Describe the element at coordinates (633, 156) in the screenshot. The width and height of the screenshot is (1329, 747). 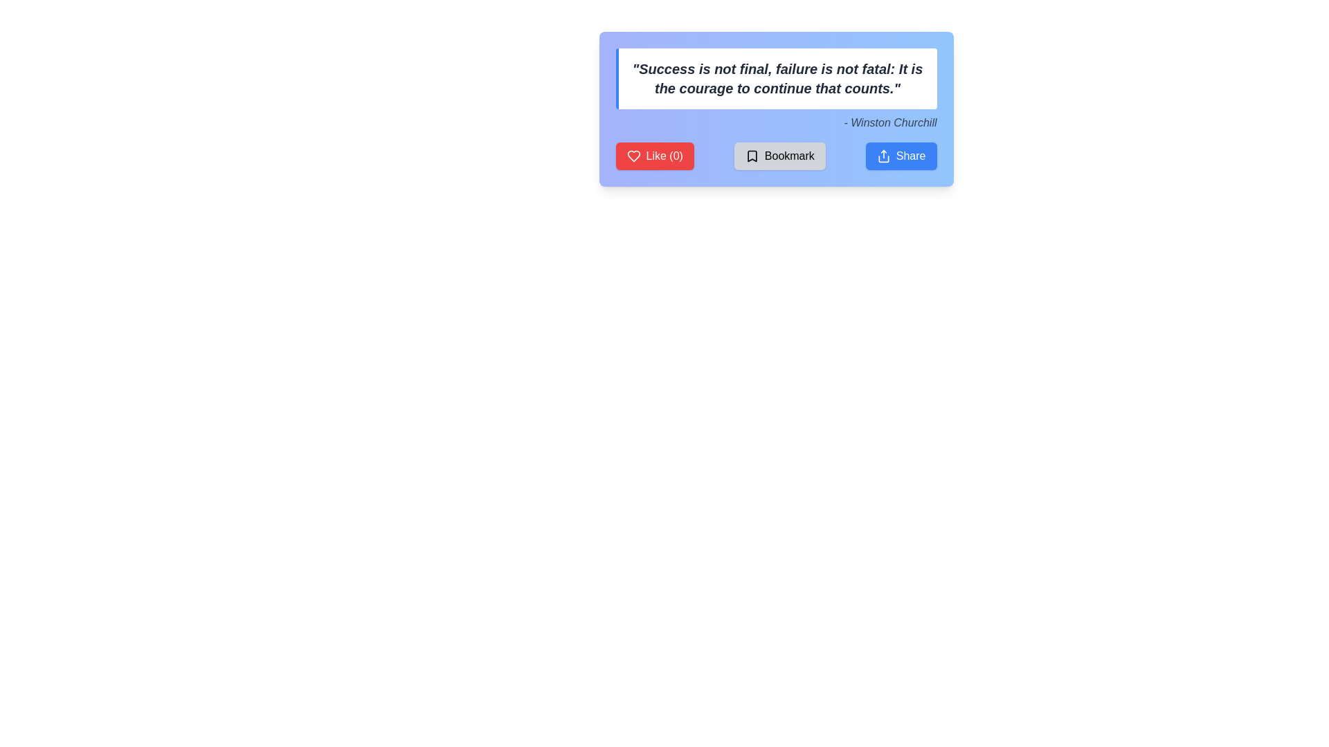
I see `the heart-shaped icon that is part of the 'Like (0)' button, located towards the bottom left of the panel` at that location.